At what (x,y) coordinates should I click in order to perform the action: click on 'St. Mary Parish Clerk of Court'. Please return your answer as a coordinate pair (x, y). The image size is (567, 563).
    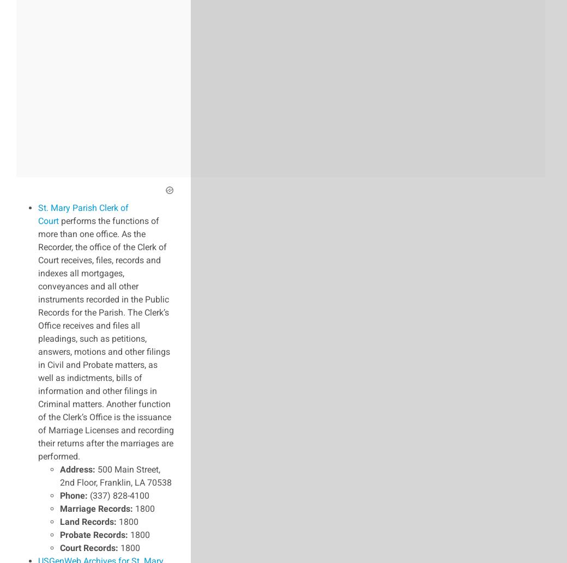
    Looking at the image, I should click on (83, 214).